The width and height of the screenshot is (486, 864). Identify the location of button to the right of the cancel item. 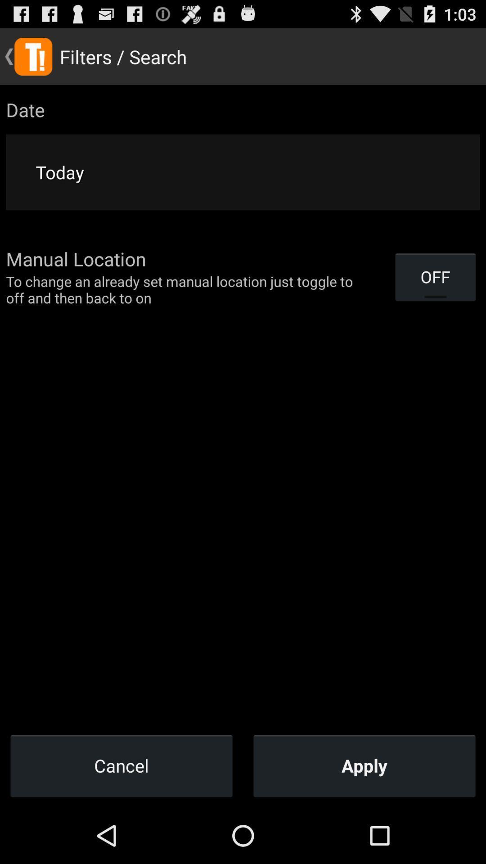
(364, 765).